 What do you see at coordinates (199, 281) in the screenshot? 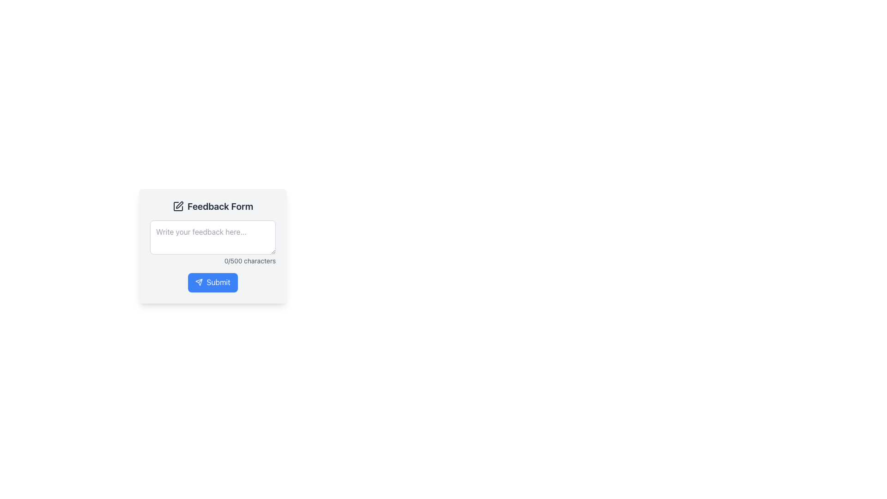
I see `the paper plane icon inside the blue 'Submit' button located below the feedback form input field` at bounding box center [199, 281].